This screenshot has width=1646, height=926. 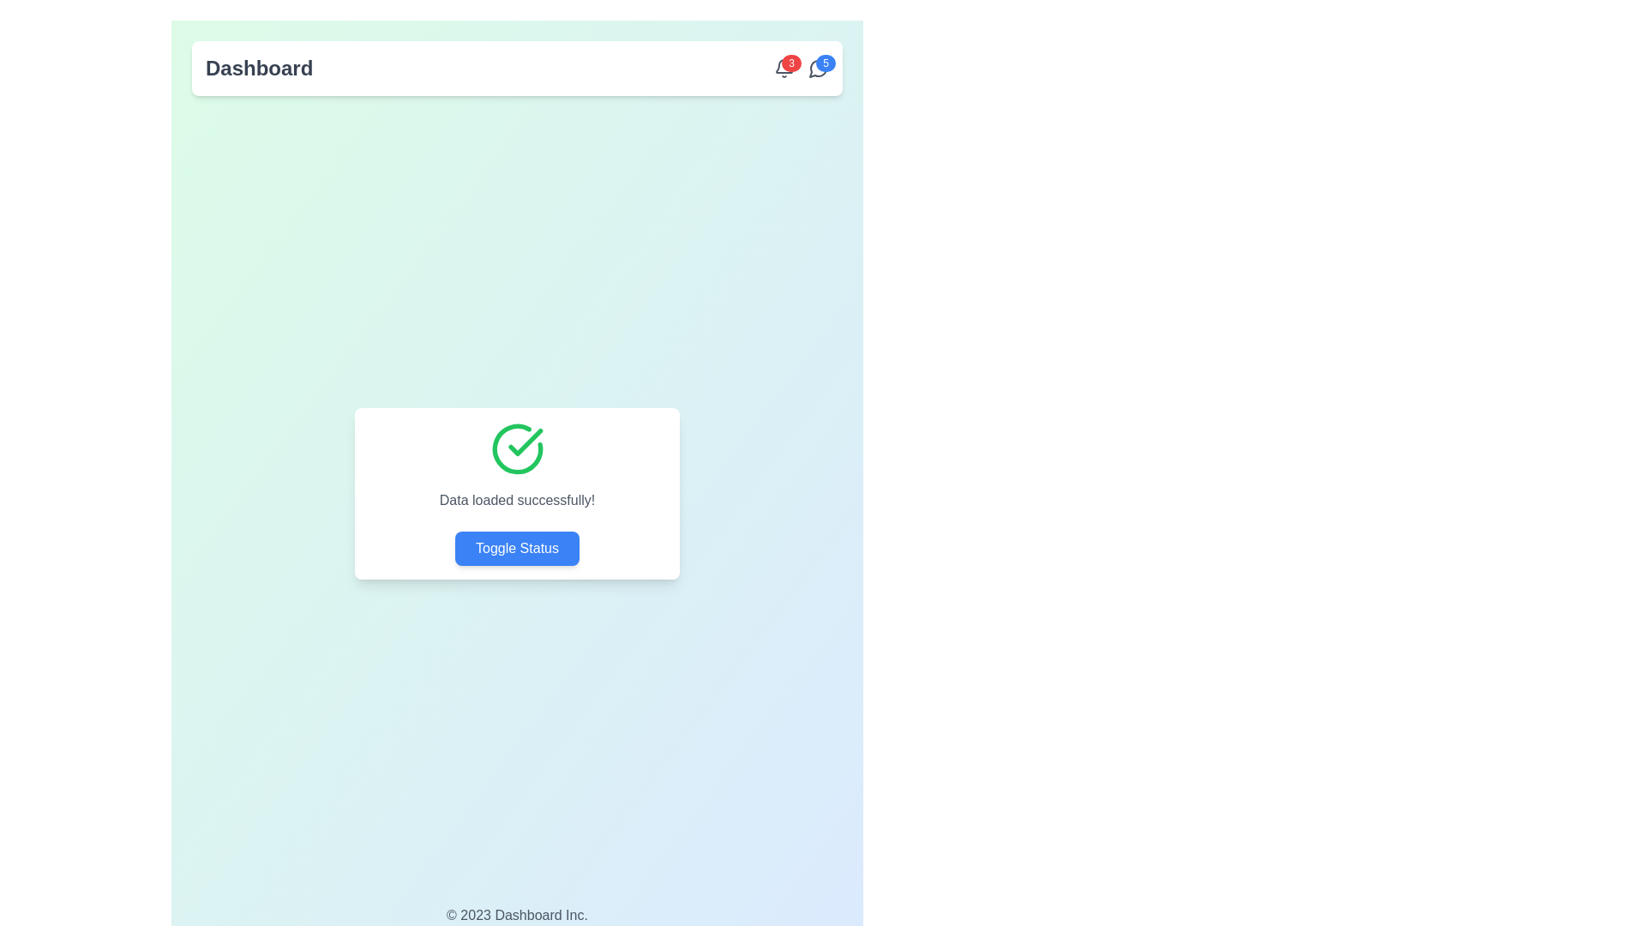 What do you see at coordinates (801, 68) in the screenshot?
I see `the Notification badge located at the top-right corner of the Dashboard, which indicates the number of unread notifications or alerts` at bounding box center [801, 68].